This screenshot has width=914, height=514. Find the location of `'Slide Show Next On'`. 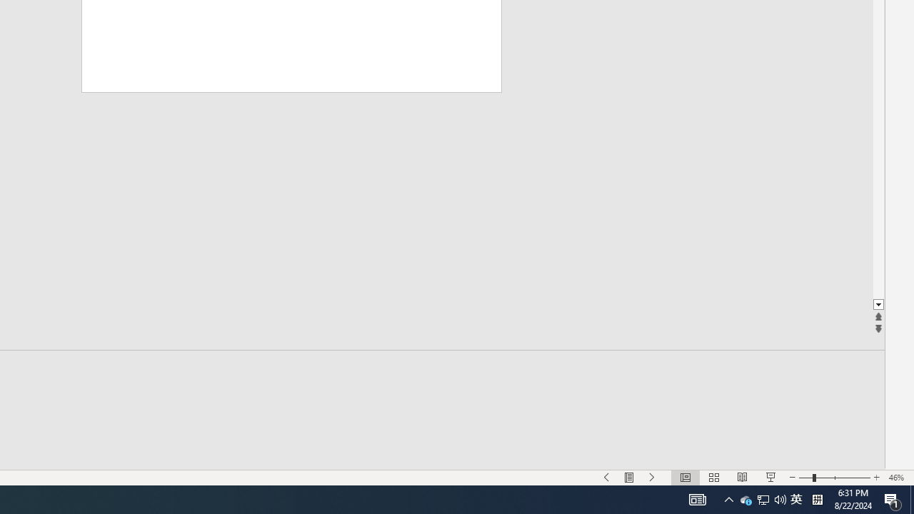

'Slide Show Next On' is located at coordinates (652, 478).